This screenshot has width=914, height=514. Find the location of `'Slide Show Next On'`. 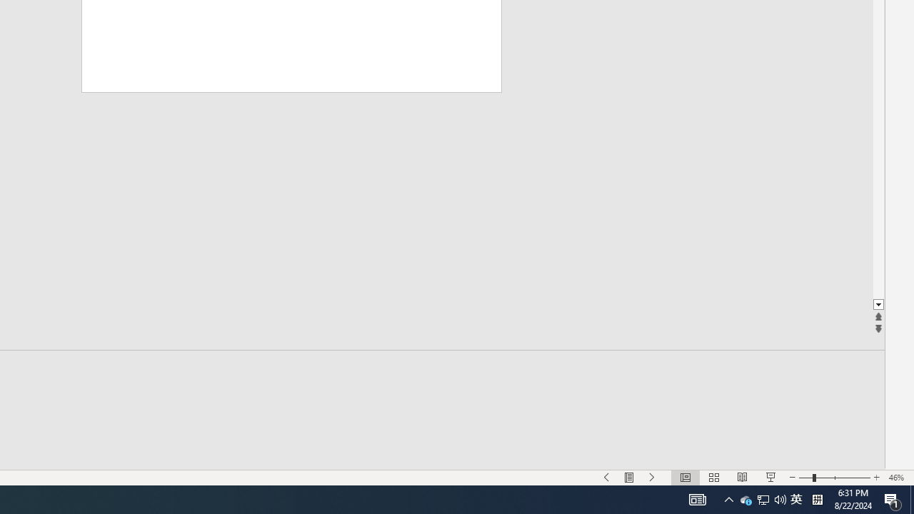

'Slide Show Next On' is located at coordinates (652, 478).